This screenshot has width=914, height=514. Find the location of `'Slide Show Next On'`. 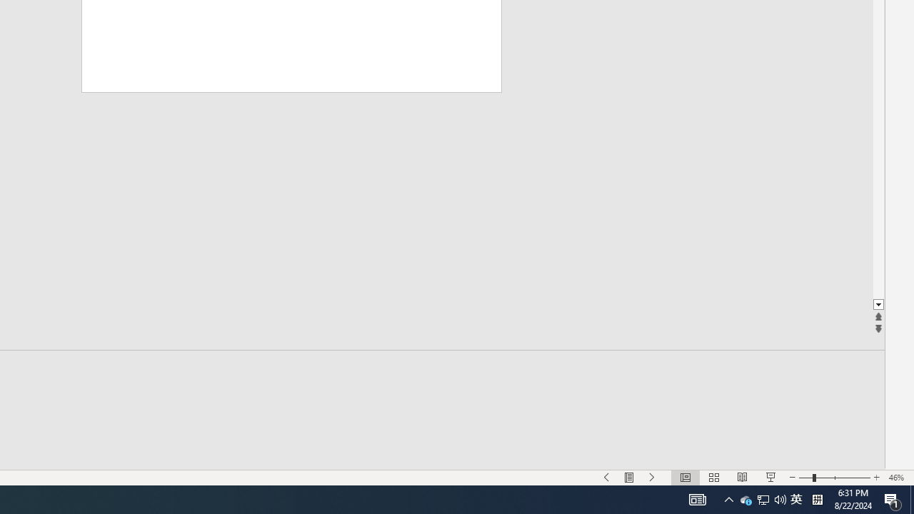

'Slide Show Next On' is located at coordinates (652, 478).